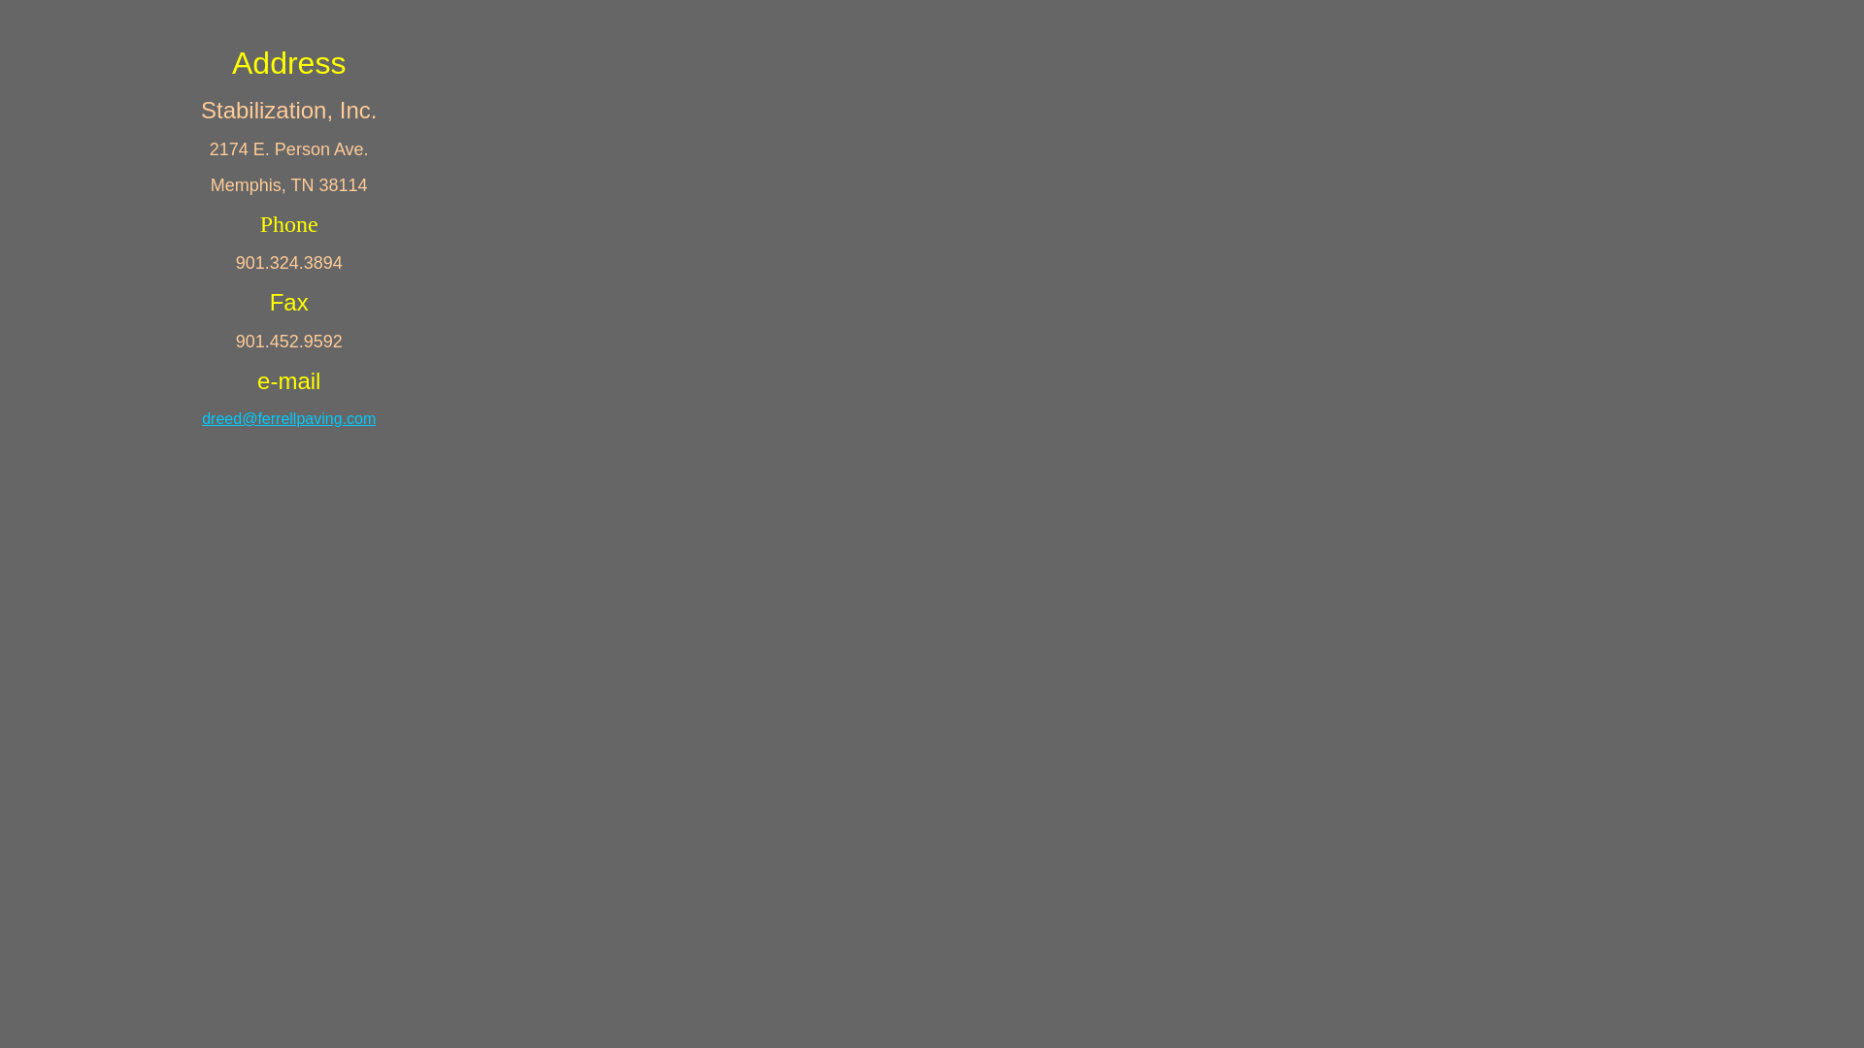  I want to click on 'dreed@ferrellpaving.com', so click(287, 417).